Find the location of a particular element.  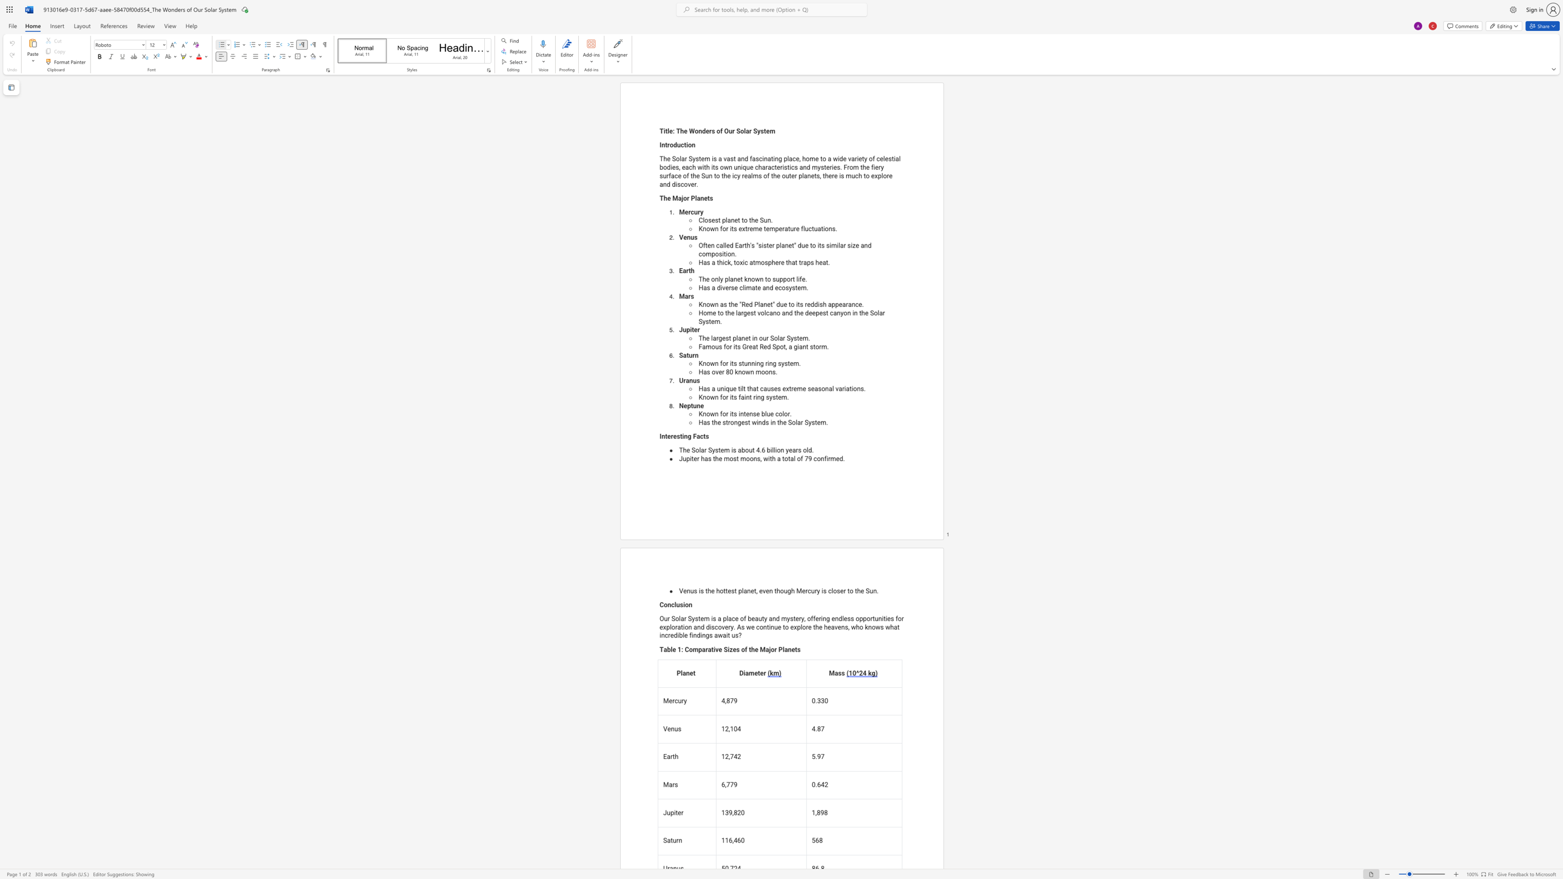

the space between the continuous character "r" and "g" in the text is located at coordinates (718, 338).